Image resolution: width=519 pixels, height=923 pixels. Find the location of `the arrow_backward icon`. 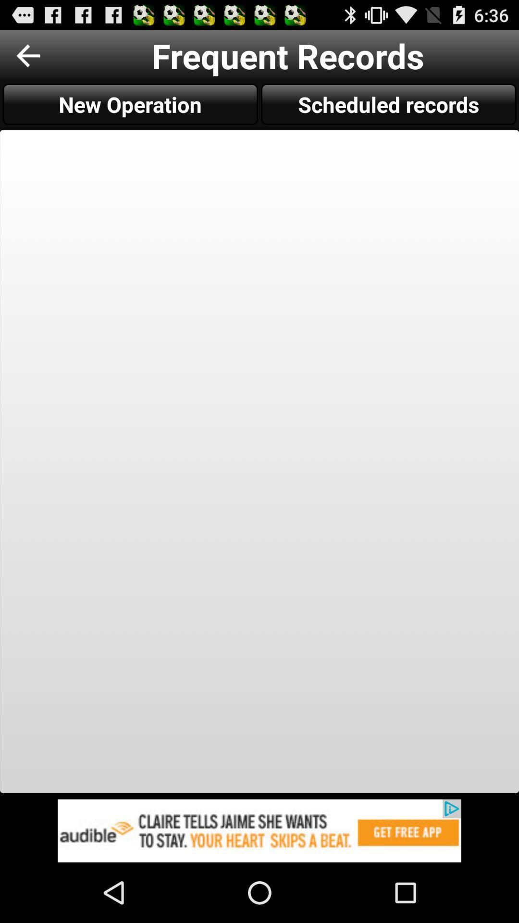

the arrow_backward icon is located at coordinates (28, 59).